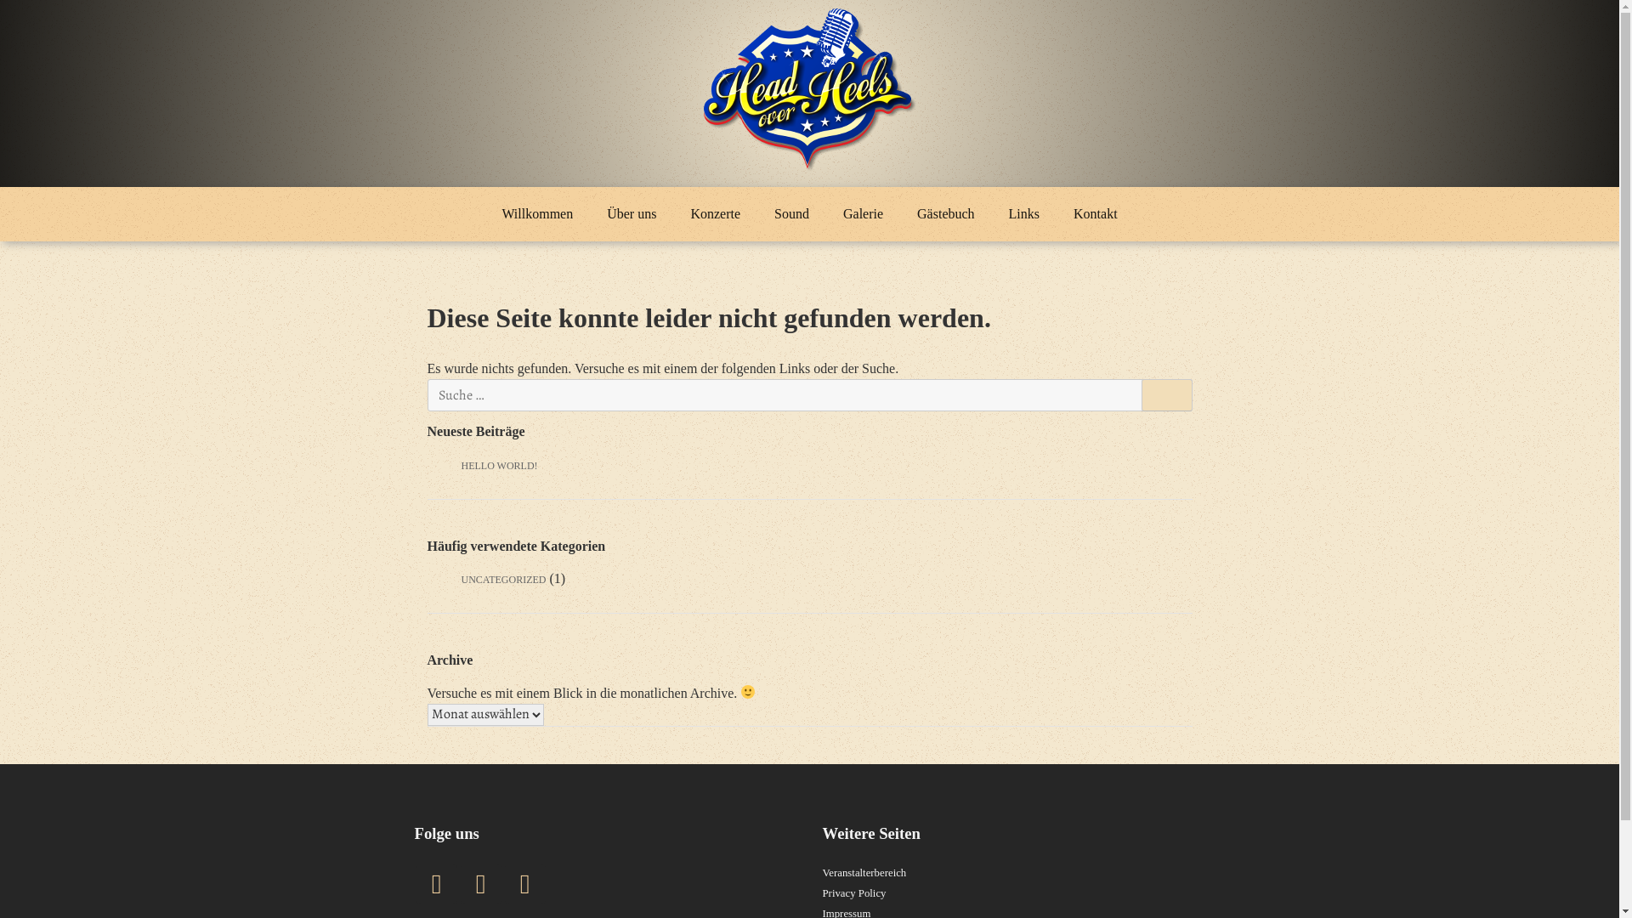  Describe the element at coordinates (536, 212) in the screenshot. I see `'Willkommen'` at that location.